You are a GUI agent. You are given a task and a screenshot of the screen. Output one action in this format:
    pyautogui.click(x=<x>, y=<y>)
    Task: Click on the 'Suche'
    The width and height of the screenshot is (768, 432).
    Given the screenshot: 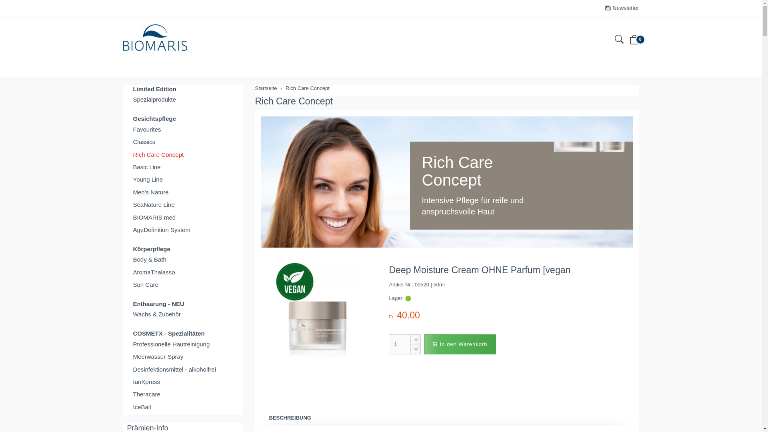 What is the action you would take?
    pyautogui.click(x=618, y=40)
    